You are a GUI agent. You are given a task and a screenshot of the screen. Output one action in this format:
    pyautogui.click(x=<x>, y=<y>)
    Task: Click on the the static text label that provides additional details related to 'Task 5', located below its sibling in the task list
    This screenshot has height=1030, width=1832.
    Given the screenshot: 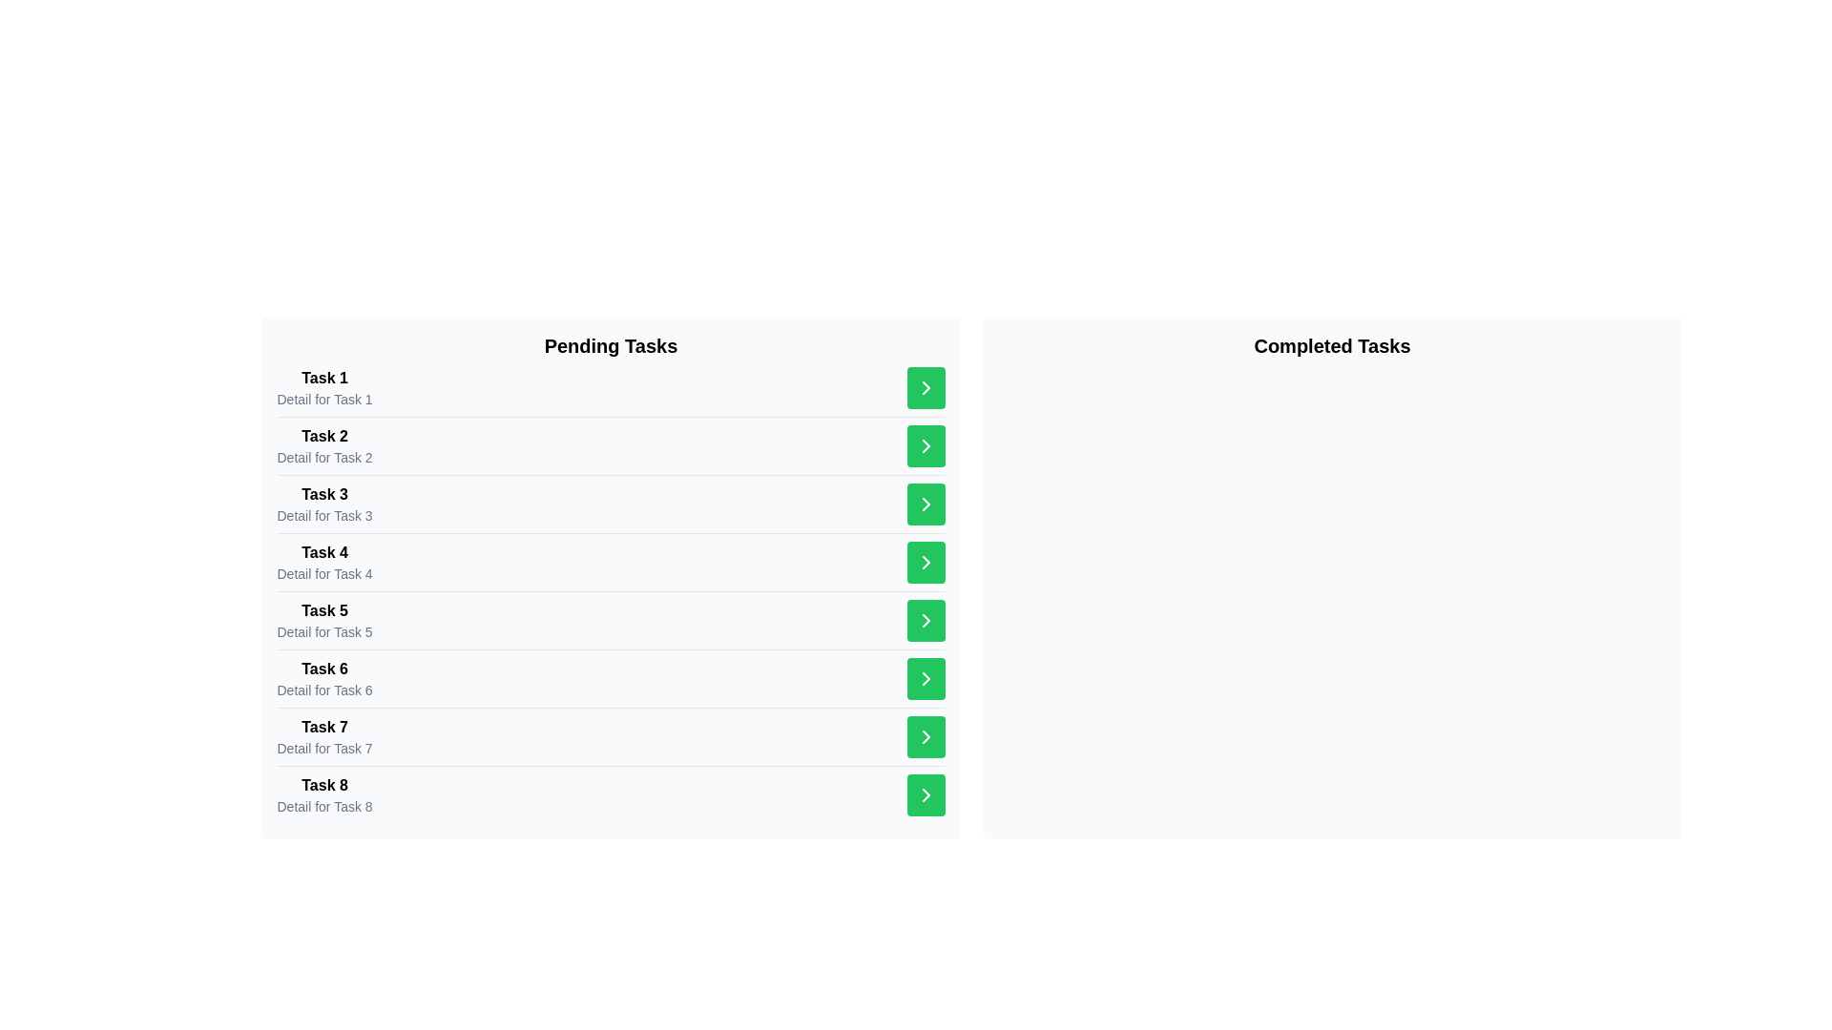 What is the action you would take?
    pyautogui.click(x=324, y=632)
    